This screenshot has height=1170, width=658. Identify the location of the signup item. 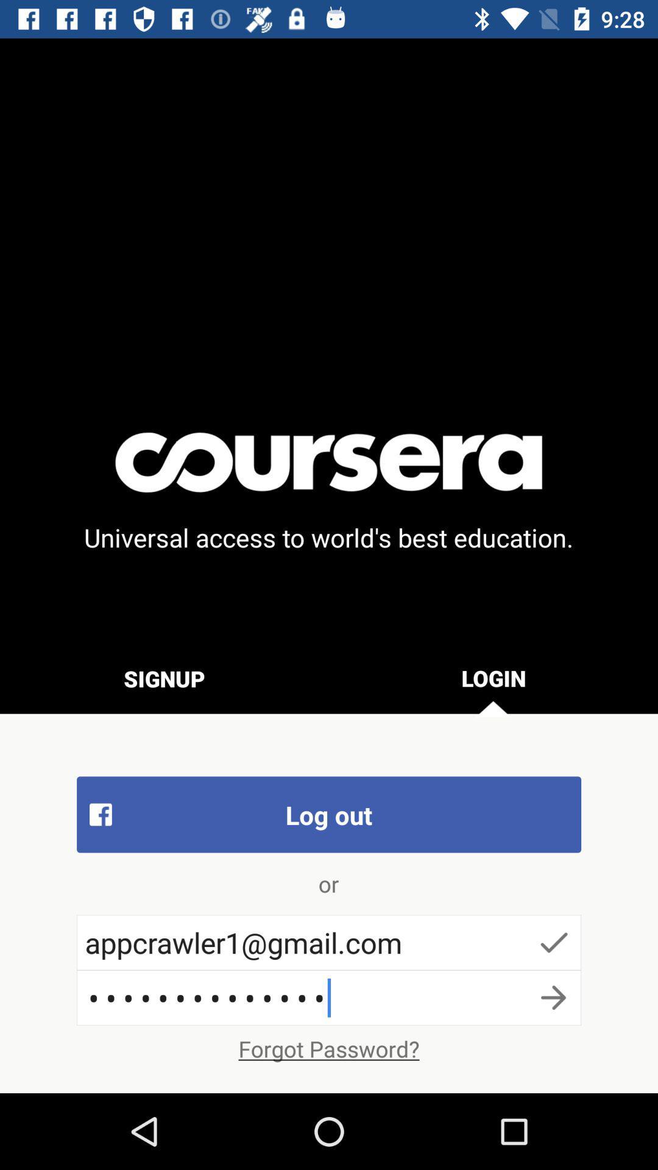
(164, 678).